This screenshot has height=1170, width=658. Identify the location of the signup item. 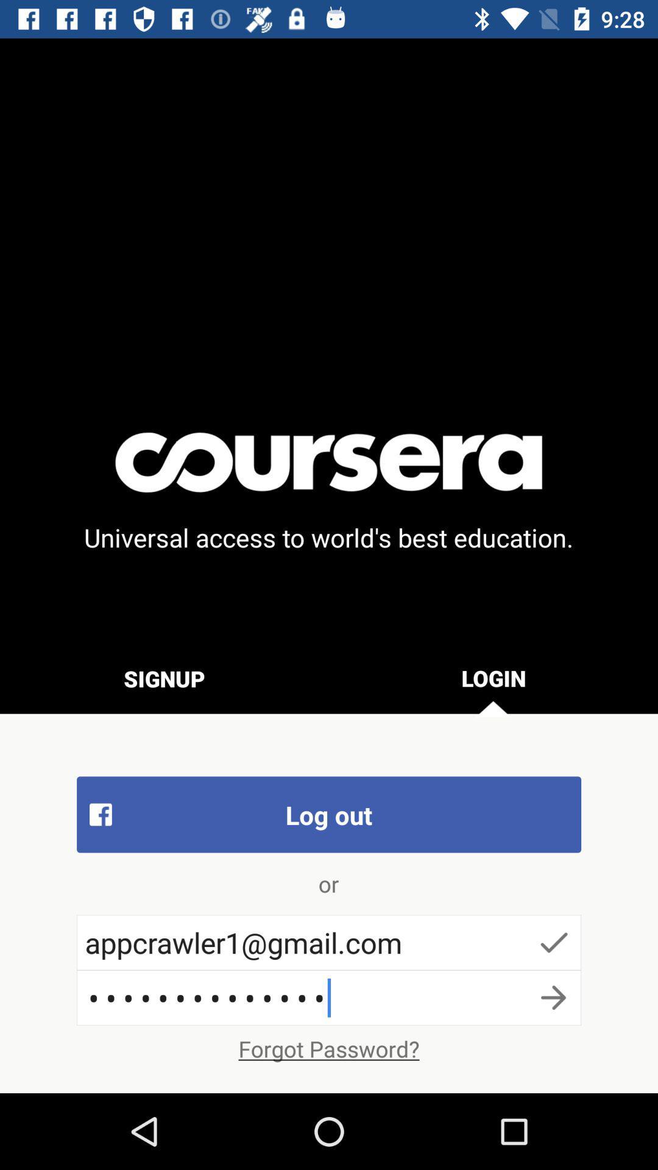
(164, 678).